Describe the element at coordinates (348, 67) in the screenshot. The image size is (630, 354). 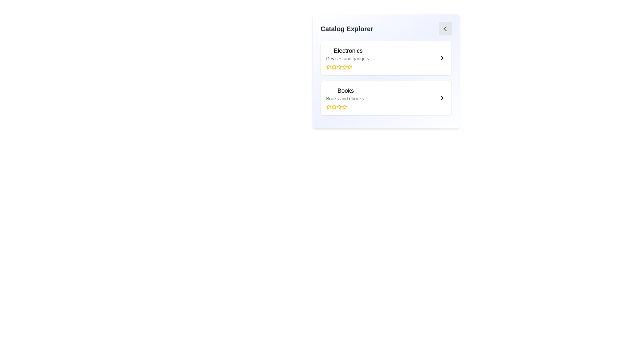
I see `the fourth star in the Rating component under the 'Electronics' section, specifically below the subtitle 'Devices and gadgets', to set the rating` at that location.